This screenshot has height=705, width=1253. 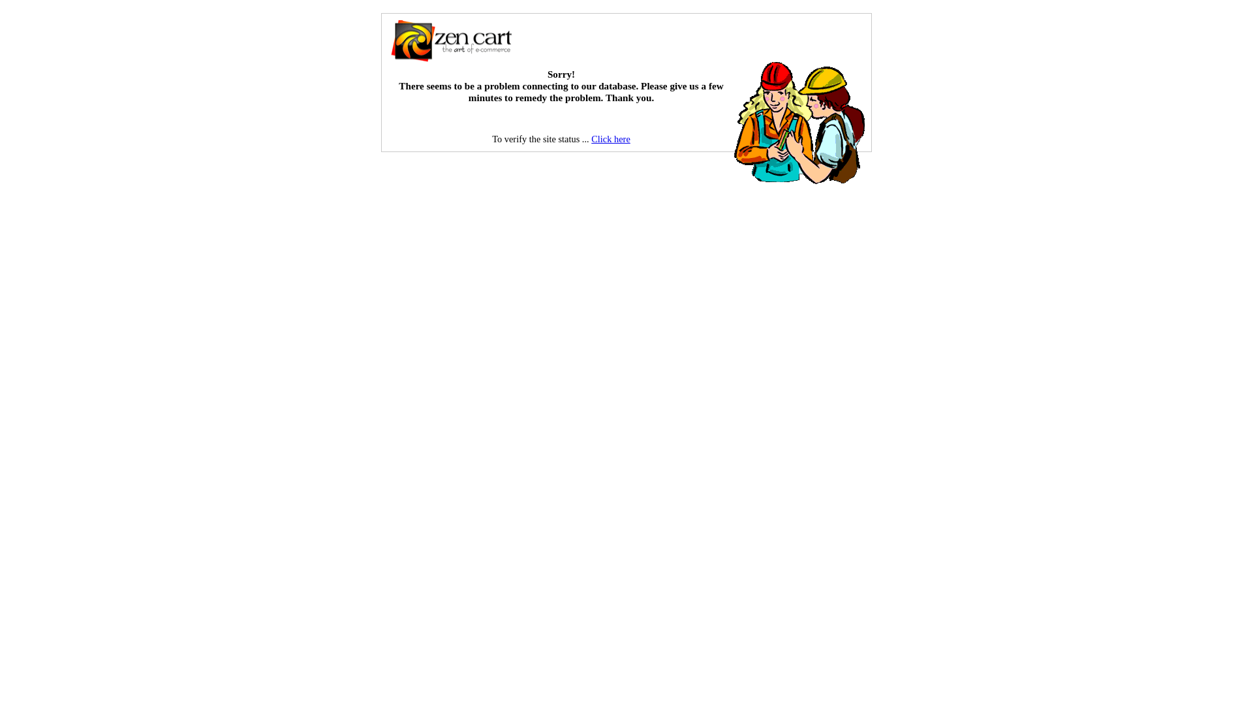 What do you see at coordinates (451, 40) in the screenshot?
I see `'This Is my store logo. [home link]'` at bounding box center [451, 40].